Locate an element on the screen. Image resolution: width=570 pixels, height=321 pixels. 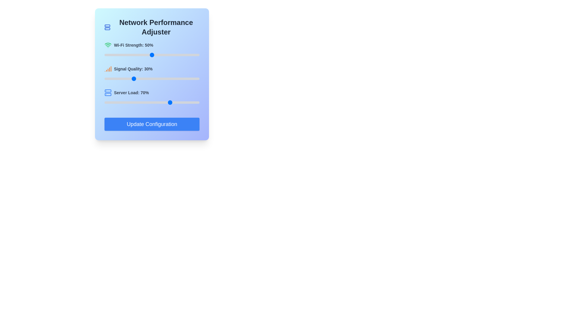
the Server Load slider is located at coordinates (186, 102).